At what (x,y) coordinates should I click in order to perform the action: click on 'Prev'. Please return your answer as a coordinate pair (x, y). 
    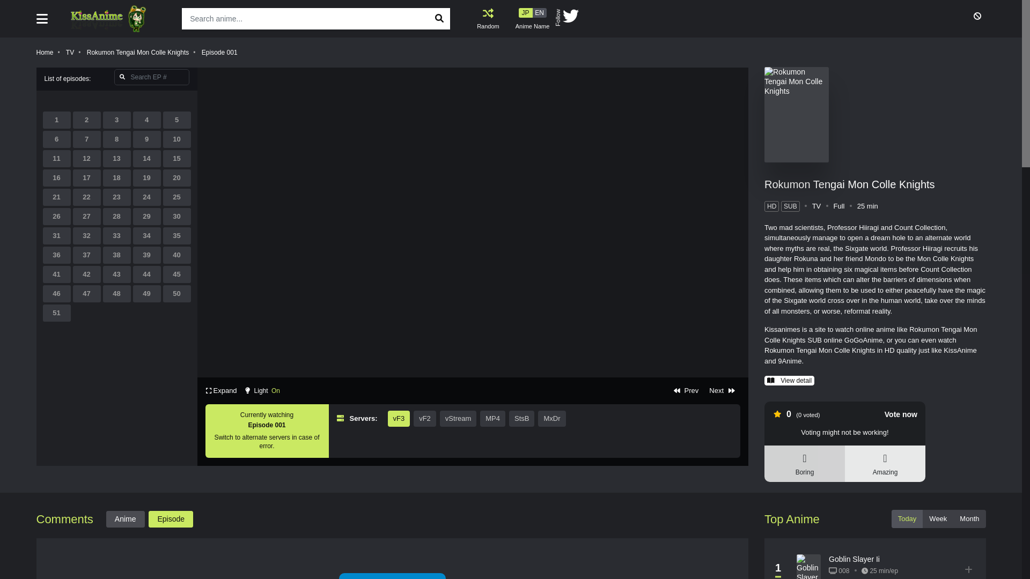
    Looking at the image, I should click on (685, 391).